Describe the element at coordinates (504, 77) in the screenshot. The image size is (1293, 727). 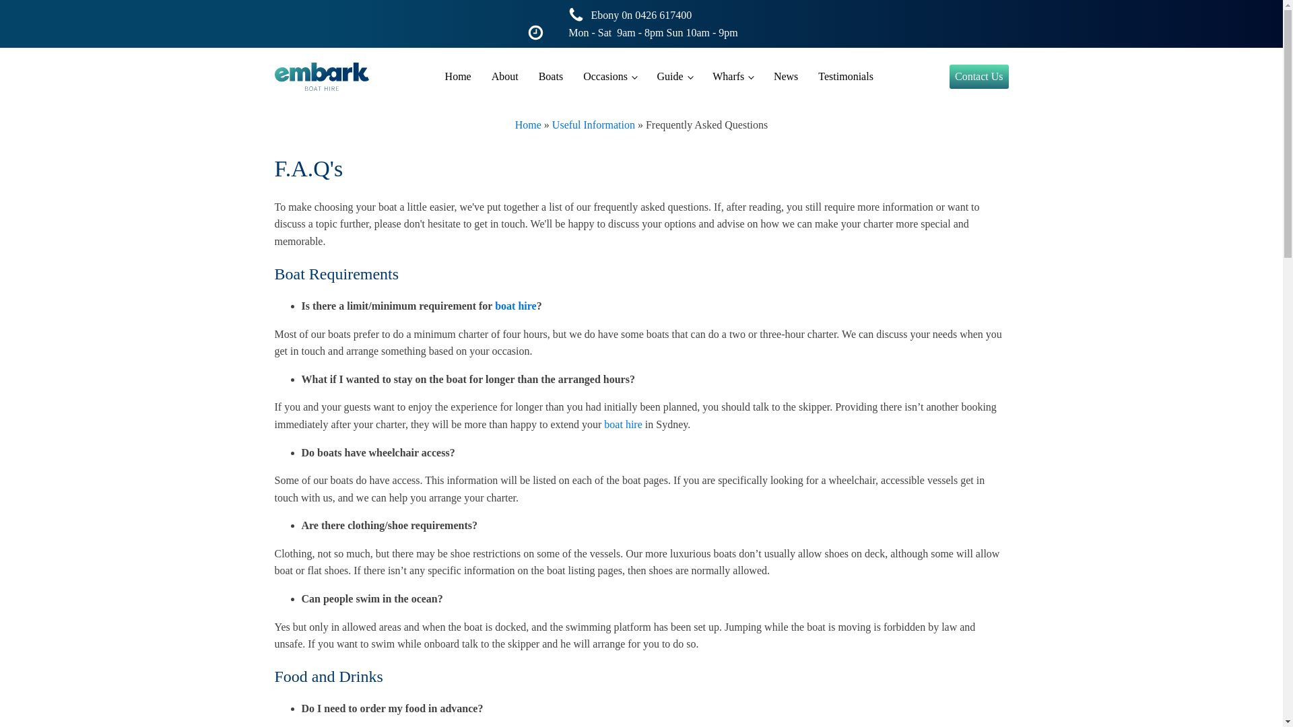
I see `'About'` at that location.